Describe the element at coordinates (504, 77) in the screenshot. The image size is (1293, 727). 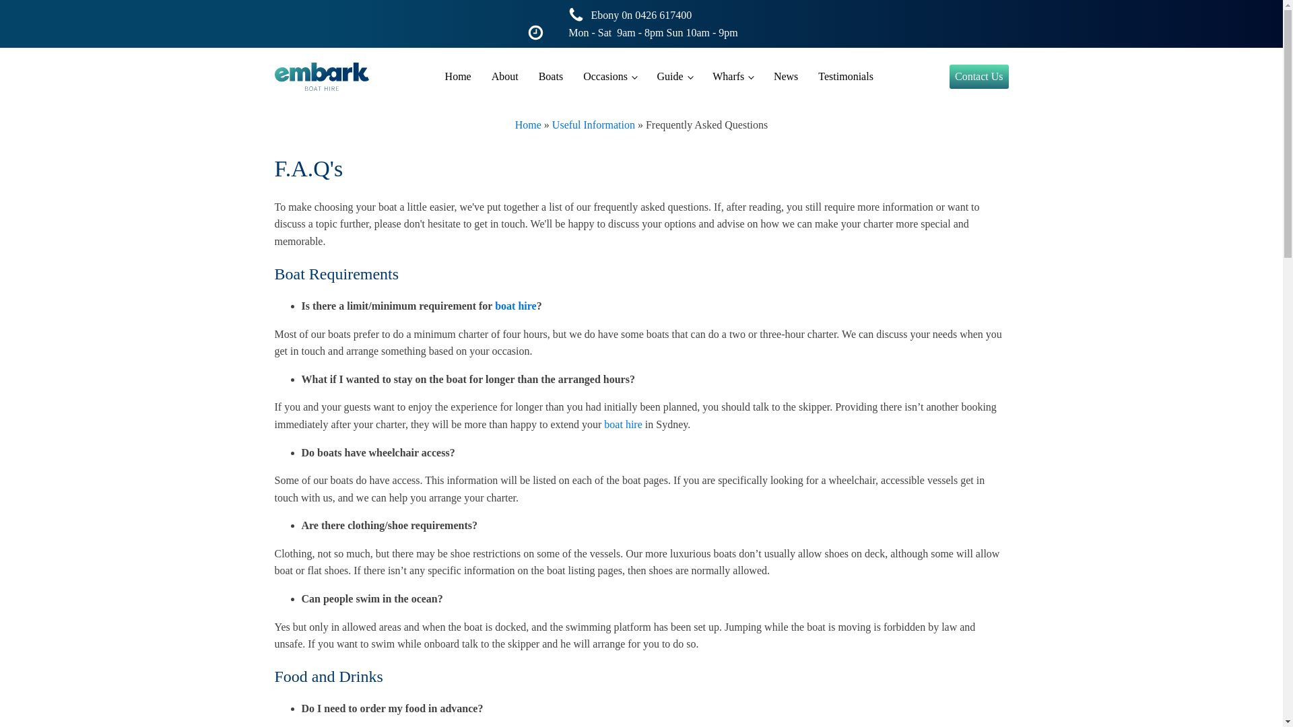
I see `'About'` at that location.